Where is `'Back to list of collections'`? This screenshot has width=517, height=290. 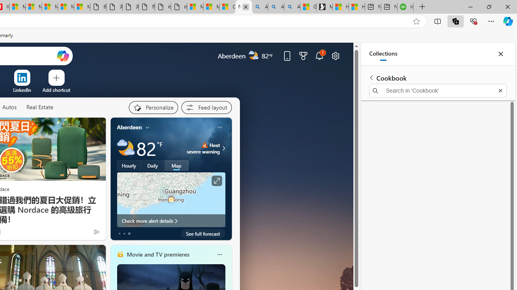 'Back to list of collections' is located at coordinates (371, 77).